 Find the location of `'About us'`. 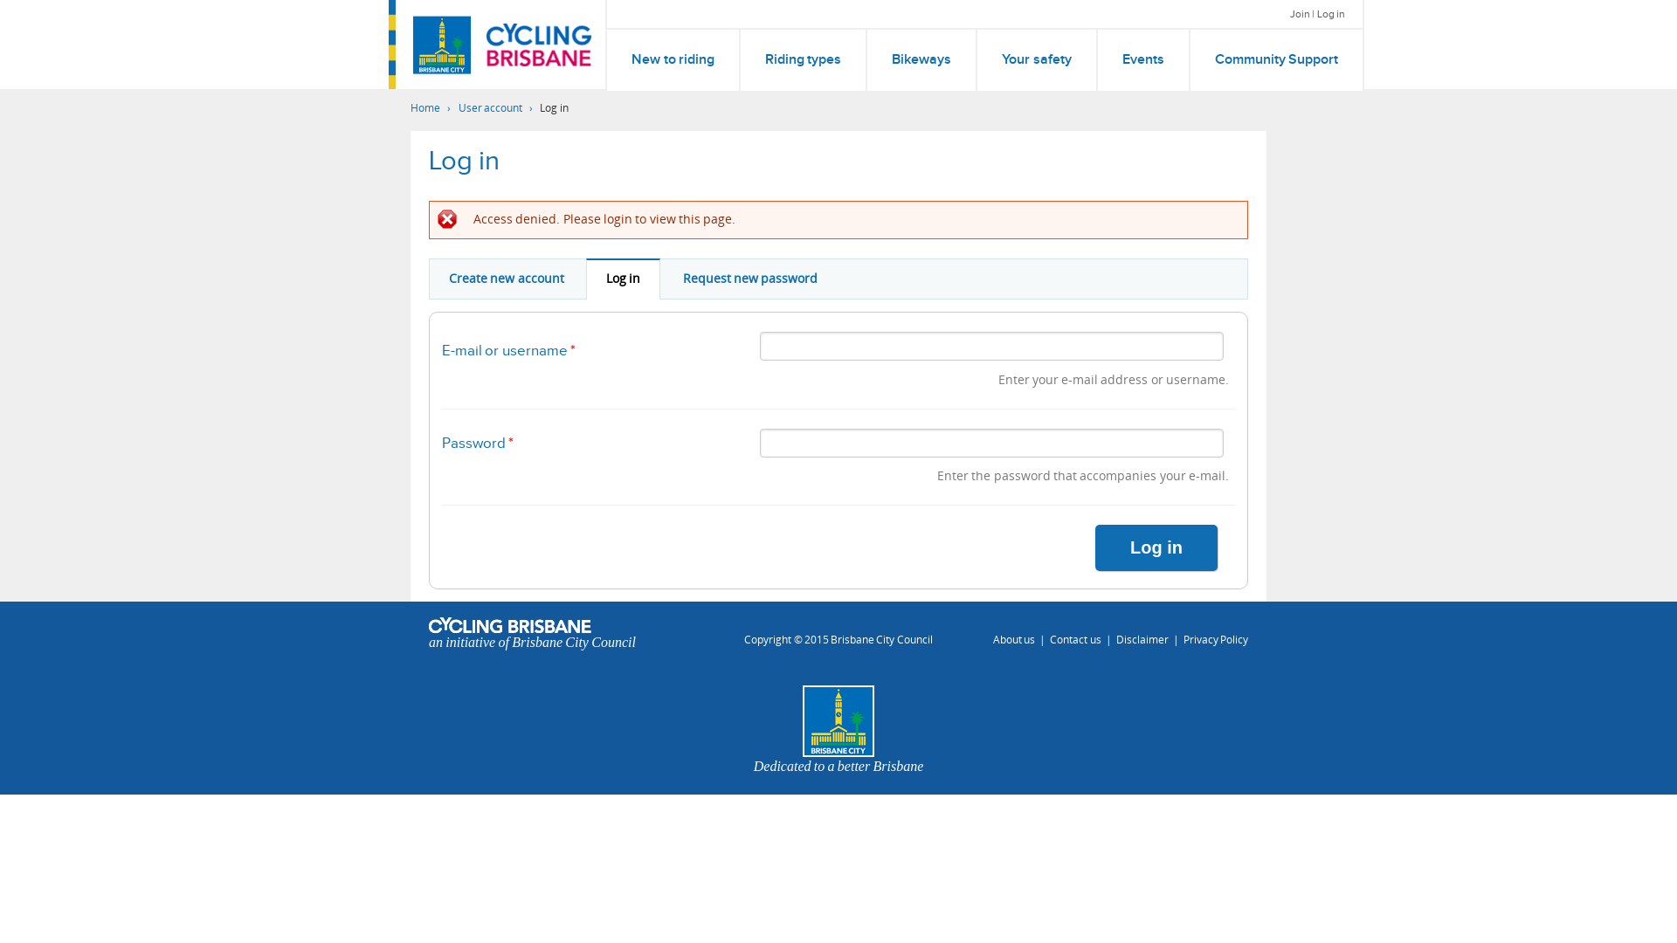

'About us' is located at coordinates (1014, 639).